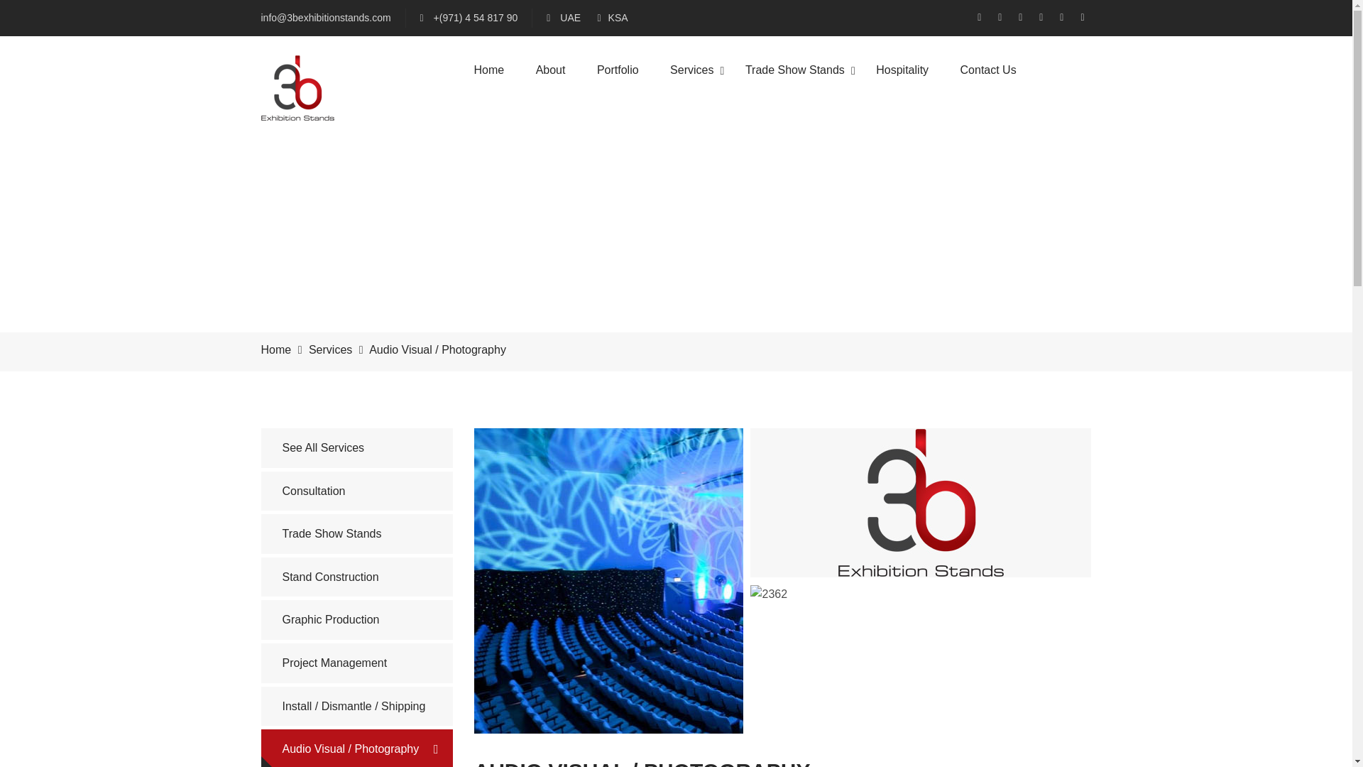 Image resolution: width=1363 pixels, height=767 pixels. I want to click on 'Contact Us', so click(987, 70).